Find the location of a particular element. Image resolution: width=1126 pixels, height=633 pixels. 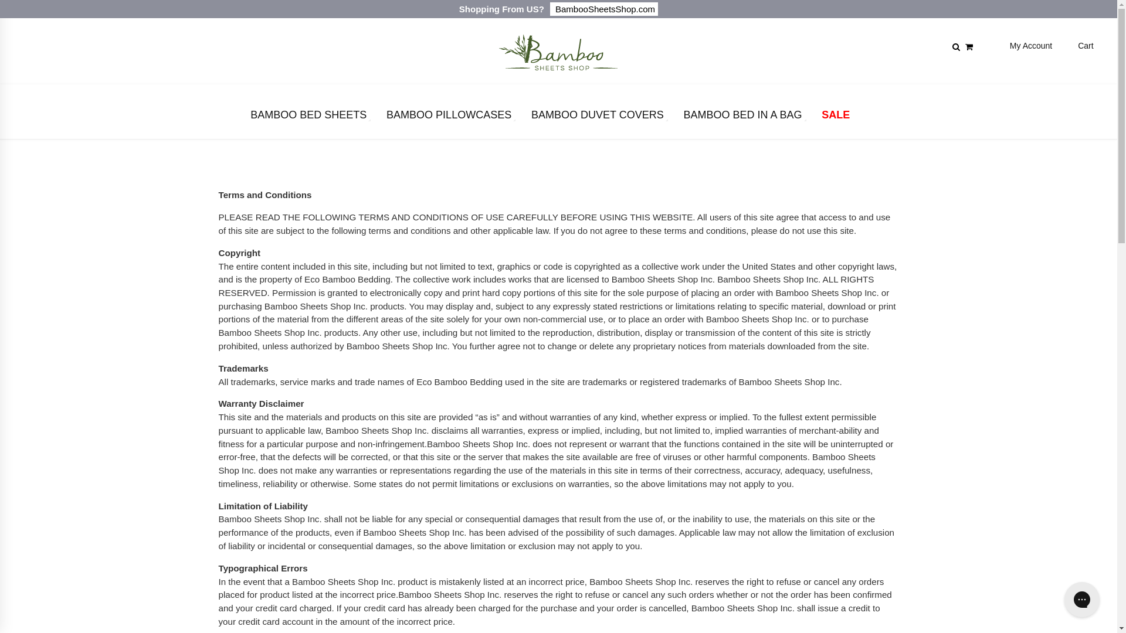

'BambooSheetsShop.com' is located at coordinates (549, 9).